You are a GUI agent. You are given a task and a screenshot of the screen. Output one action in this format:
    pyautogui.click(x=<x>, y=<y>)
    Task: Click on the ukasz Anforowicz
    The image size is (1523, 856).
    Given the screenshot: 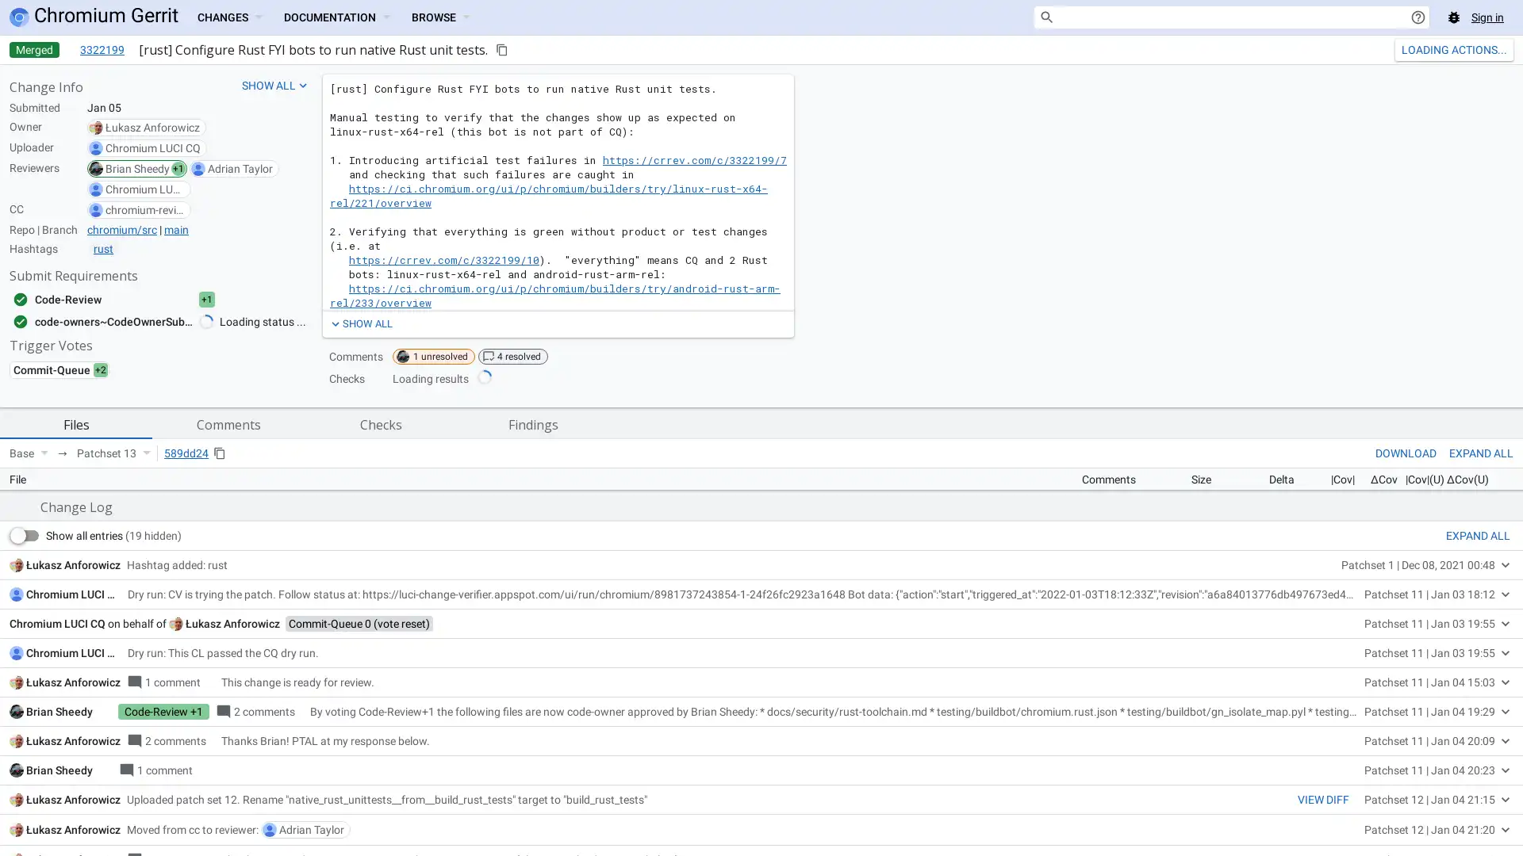 What is the action you would take?
    pyautogui.click(x=152, y=127)
    